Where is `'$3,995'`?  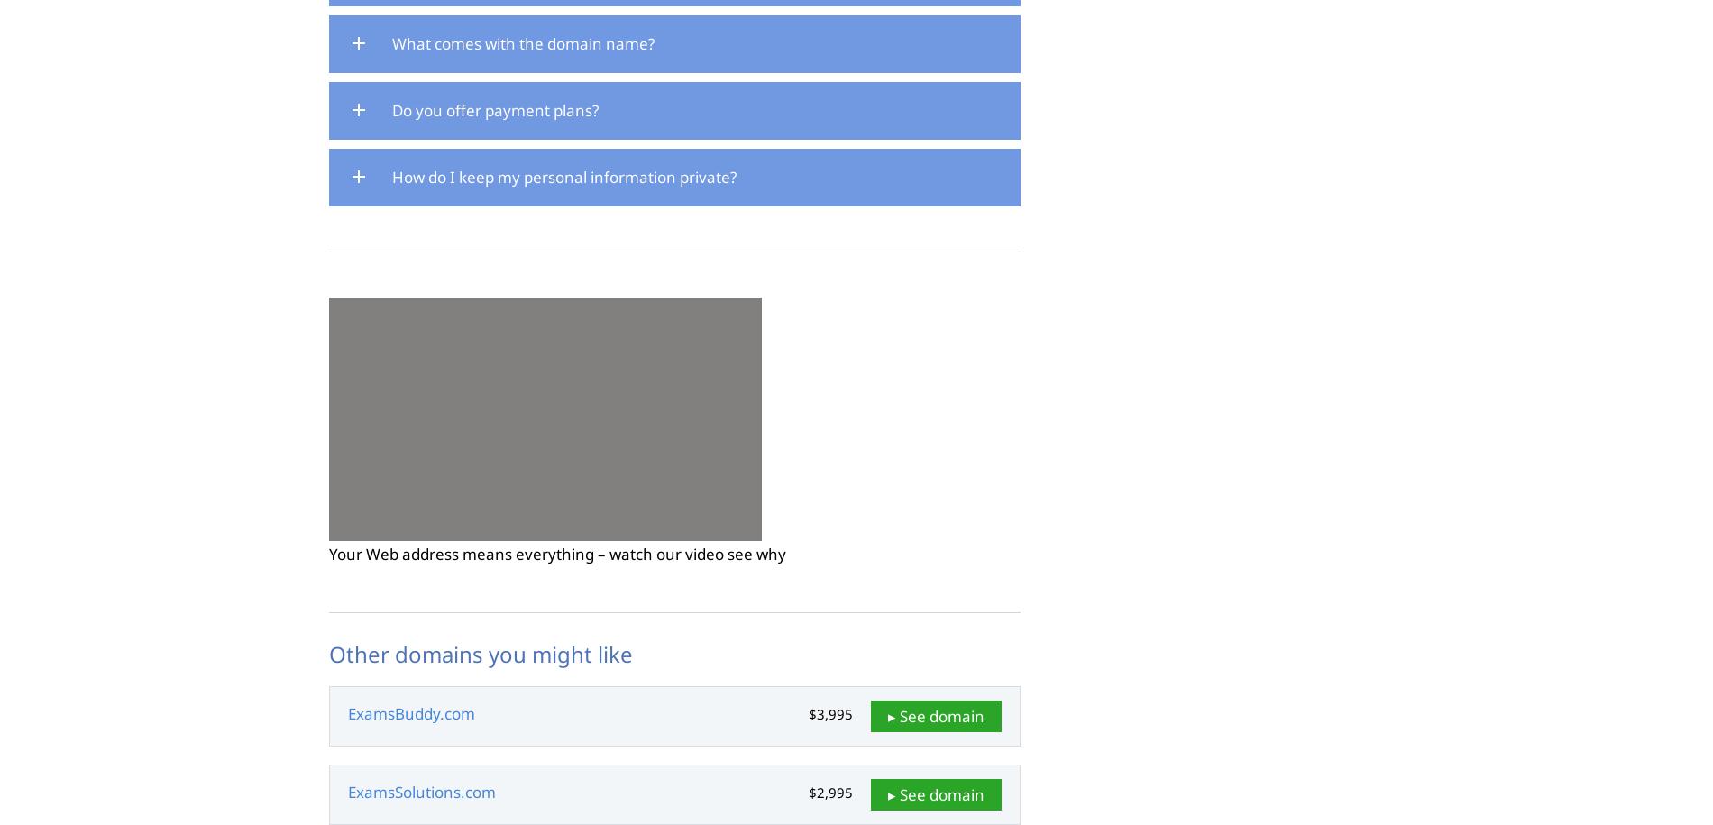
'$3,995' is located at coordinates (829, 713).